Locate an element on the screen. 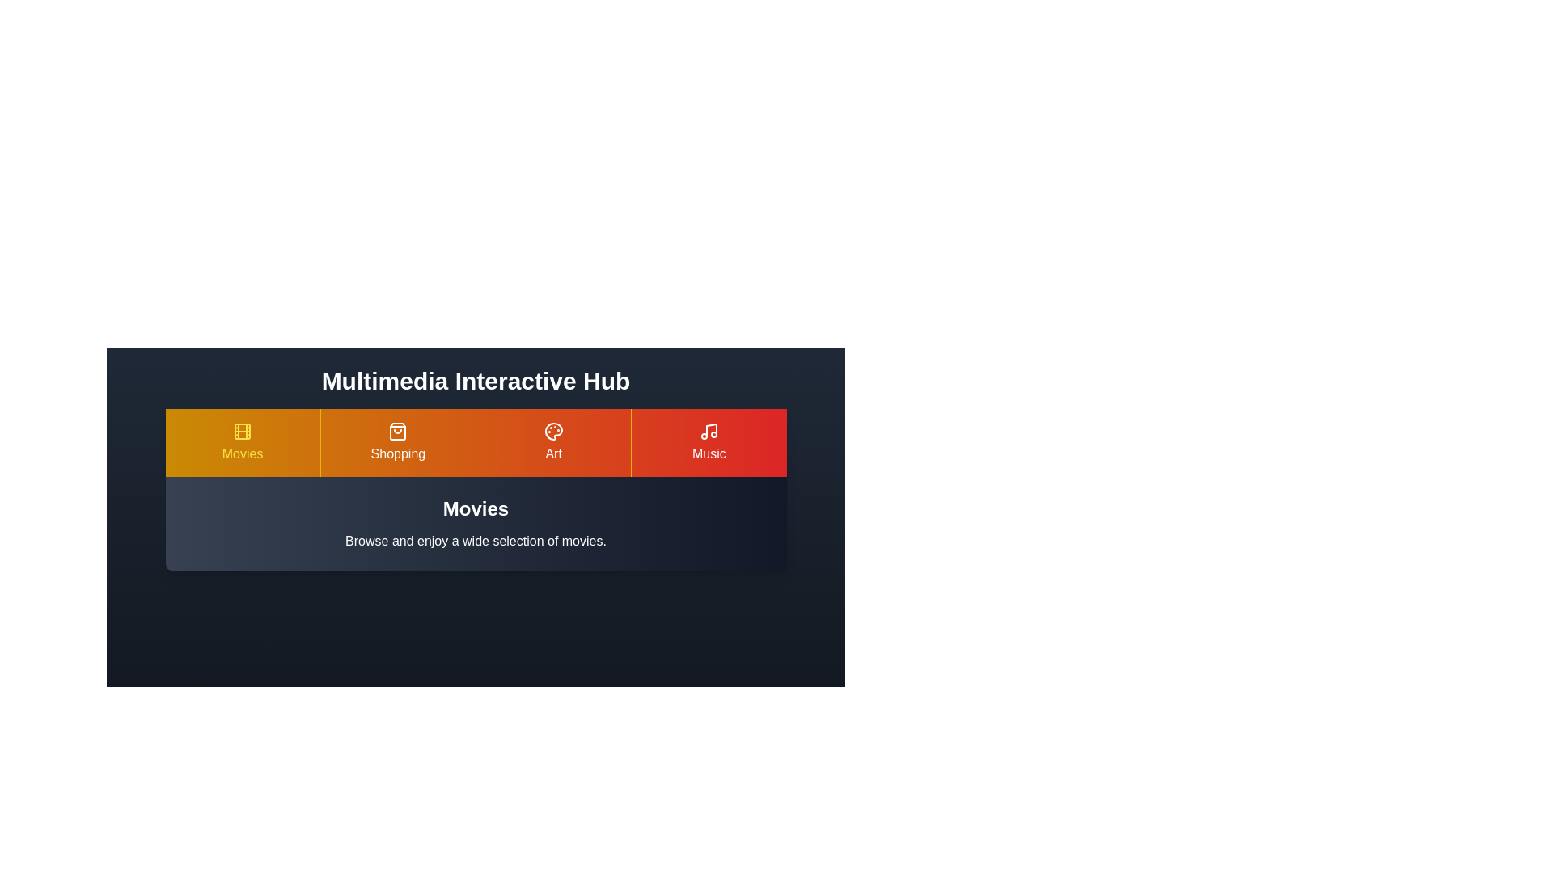 Image resolution: width=1553 pixels, height=873 pixels. the Shopping tab to view its content is located at coordinates (397, 442).